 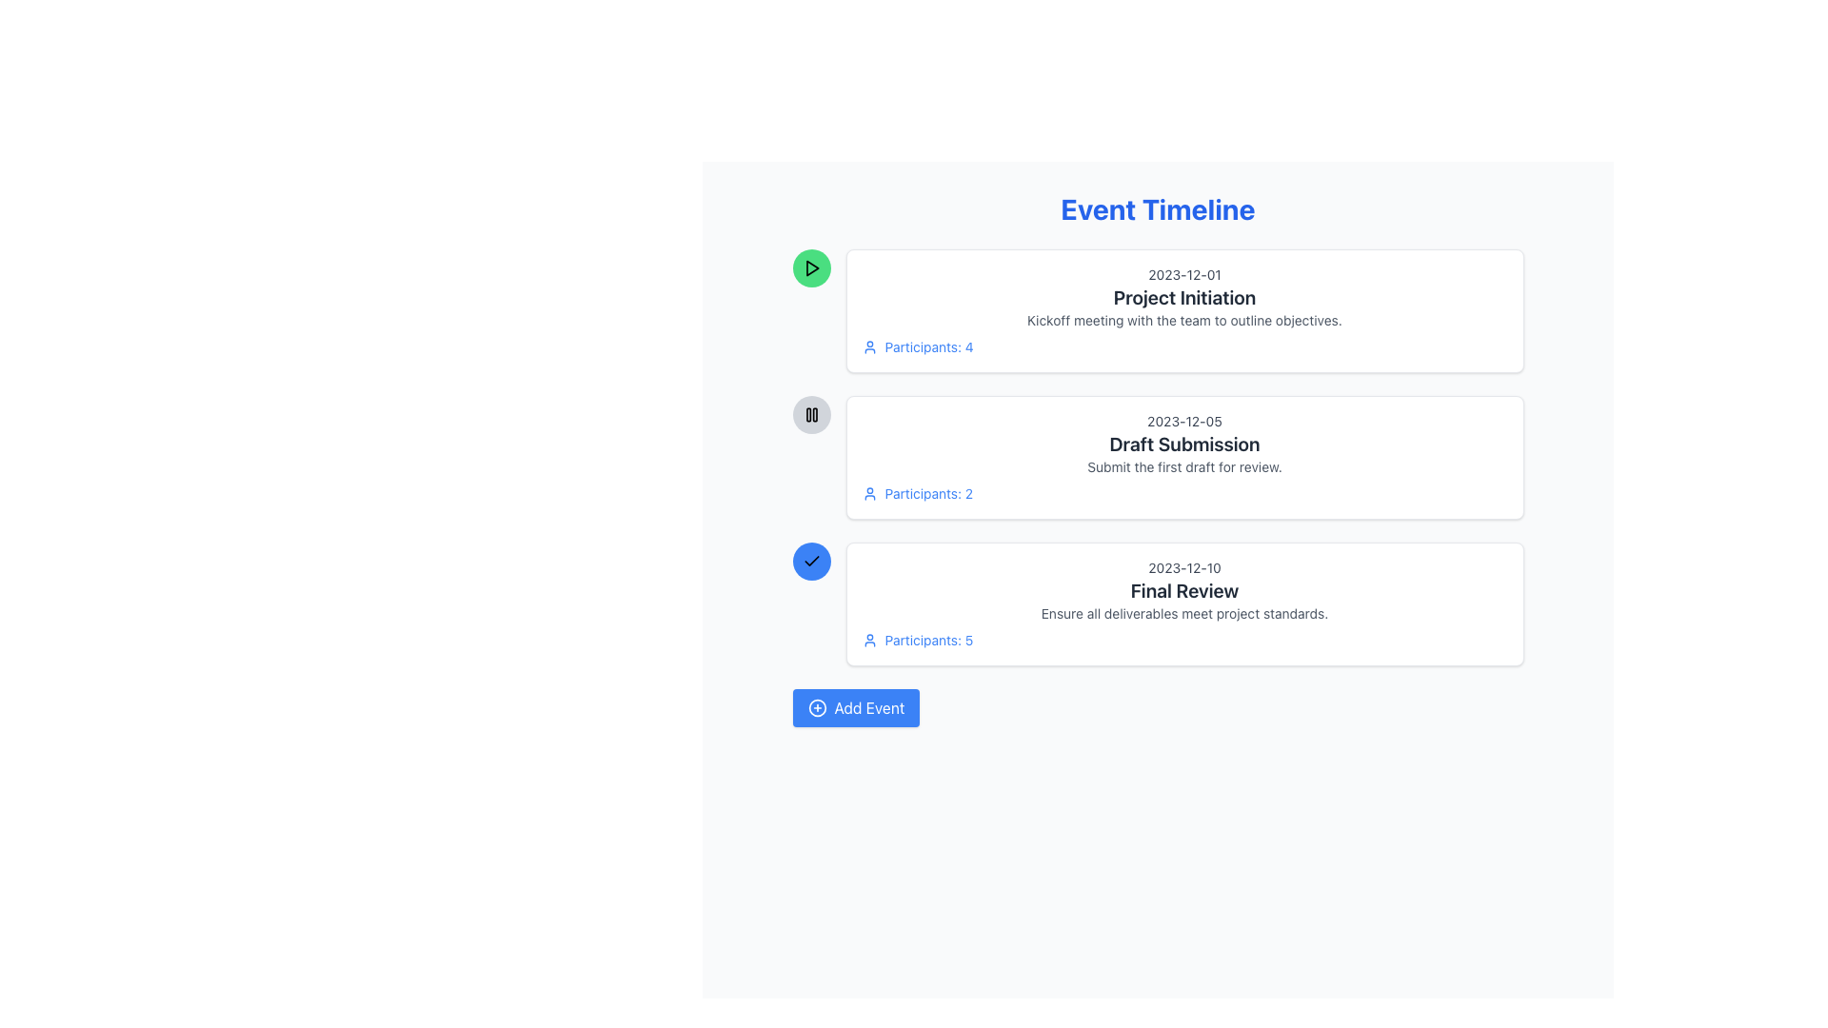 I want to click on the non-interactive icon representing participants in the event, located to the left of the text 'Participants: 5' in the 'Final Review' section of the timeline interface, so click(x=868, y=640).